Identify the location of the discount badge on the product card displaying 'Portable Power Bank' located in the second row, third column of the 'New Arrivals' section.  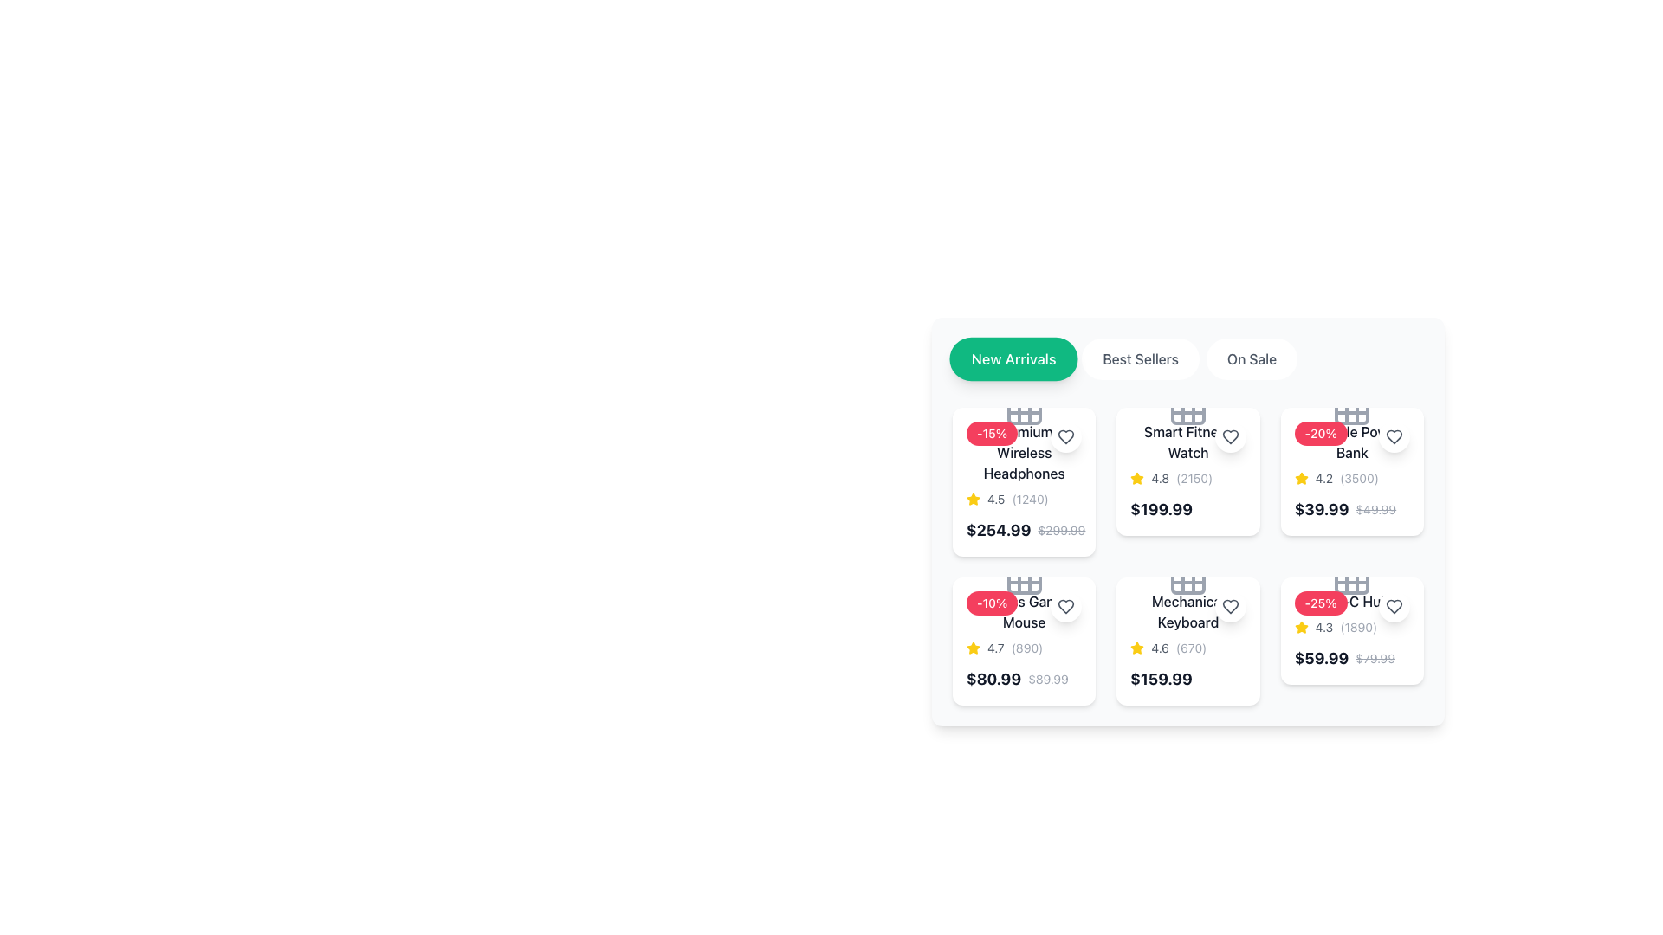
(1351, 471).